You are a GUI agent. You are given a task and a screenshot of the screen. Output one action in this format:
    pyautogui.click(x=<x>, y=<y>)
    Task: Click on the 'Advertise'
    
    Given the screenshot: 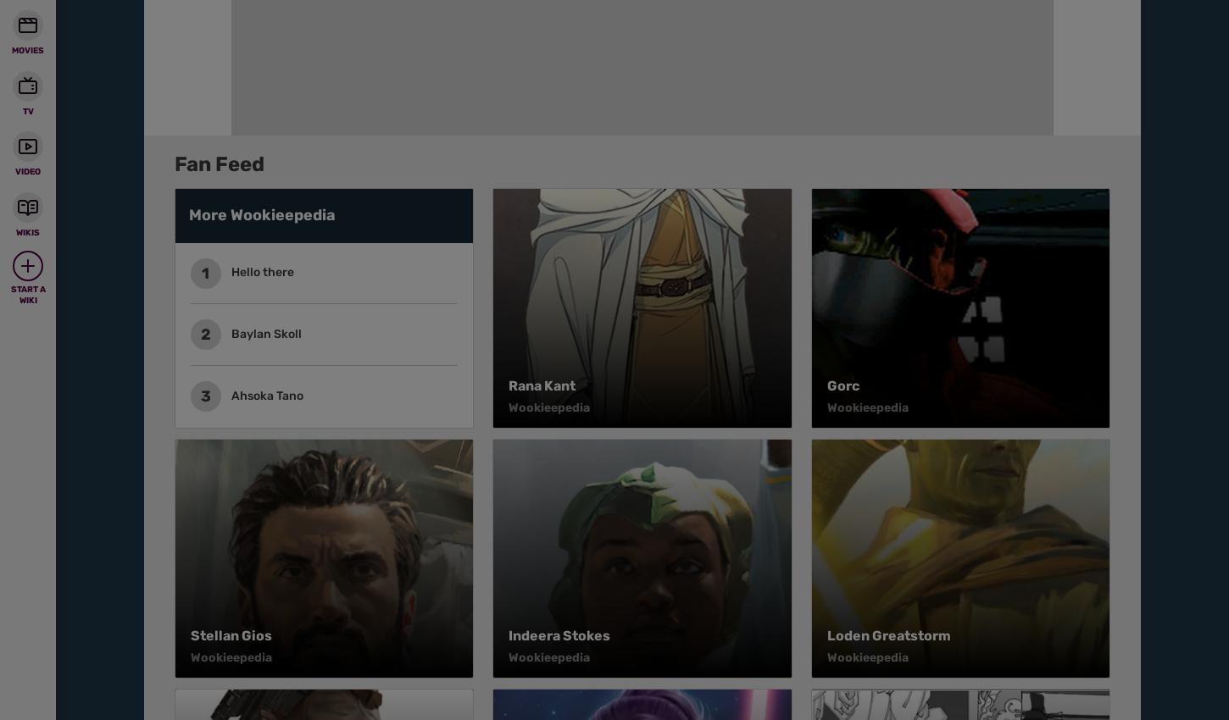 What is the action you would take?
    pyautogui.click(x=681, y=127)
    